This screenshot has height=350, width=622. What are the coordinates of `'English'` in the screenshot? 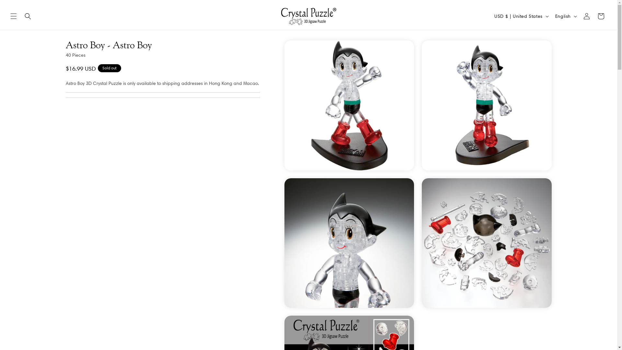 It's located at (565, 16).